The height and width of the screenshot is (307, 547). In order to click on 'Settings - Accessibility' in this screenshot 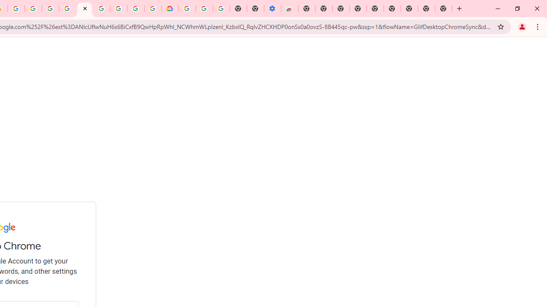, I will do `click(272, 9)`.